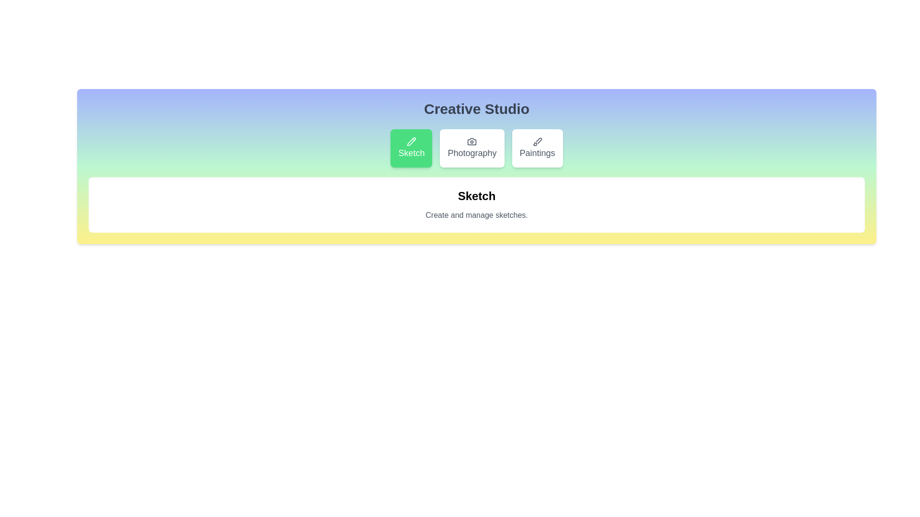 Image resolution: width=920 pixels, height=517 pixels. I want to click on the Paintings tab, so click(537, 148).